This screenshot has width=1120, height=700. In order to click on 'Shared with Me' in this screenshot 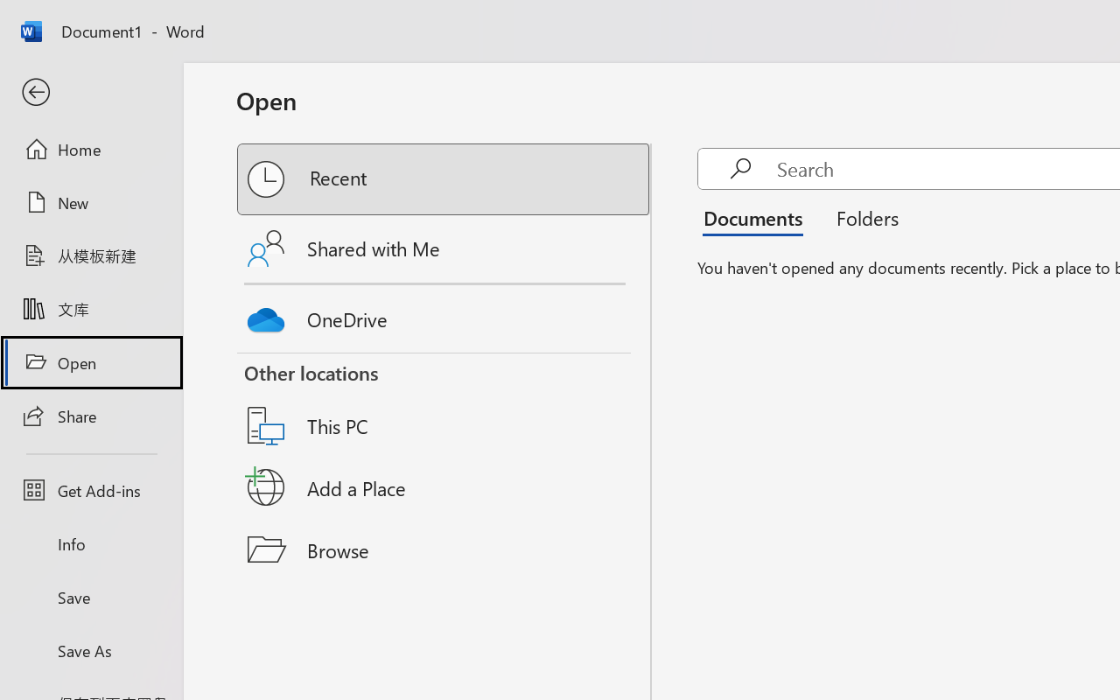, I will do `click(444, 248)`.